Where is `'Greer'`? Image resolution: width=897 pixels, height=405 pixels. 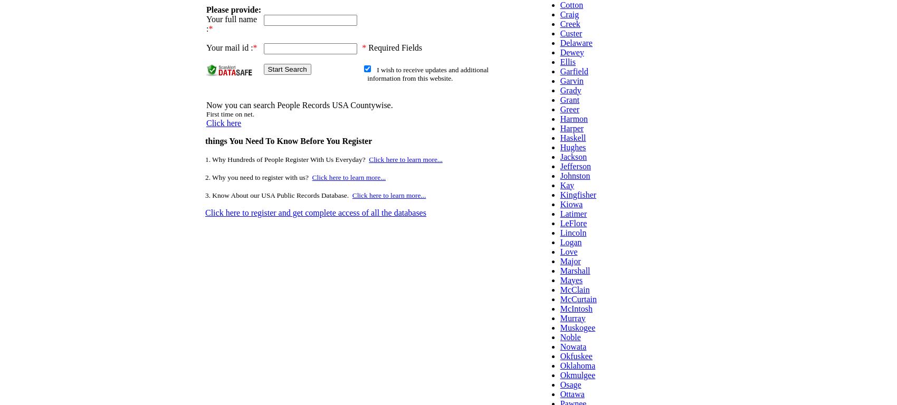
'Greer' is located at coordinates (559, 108).